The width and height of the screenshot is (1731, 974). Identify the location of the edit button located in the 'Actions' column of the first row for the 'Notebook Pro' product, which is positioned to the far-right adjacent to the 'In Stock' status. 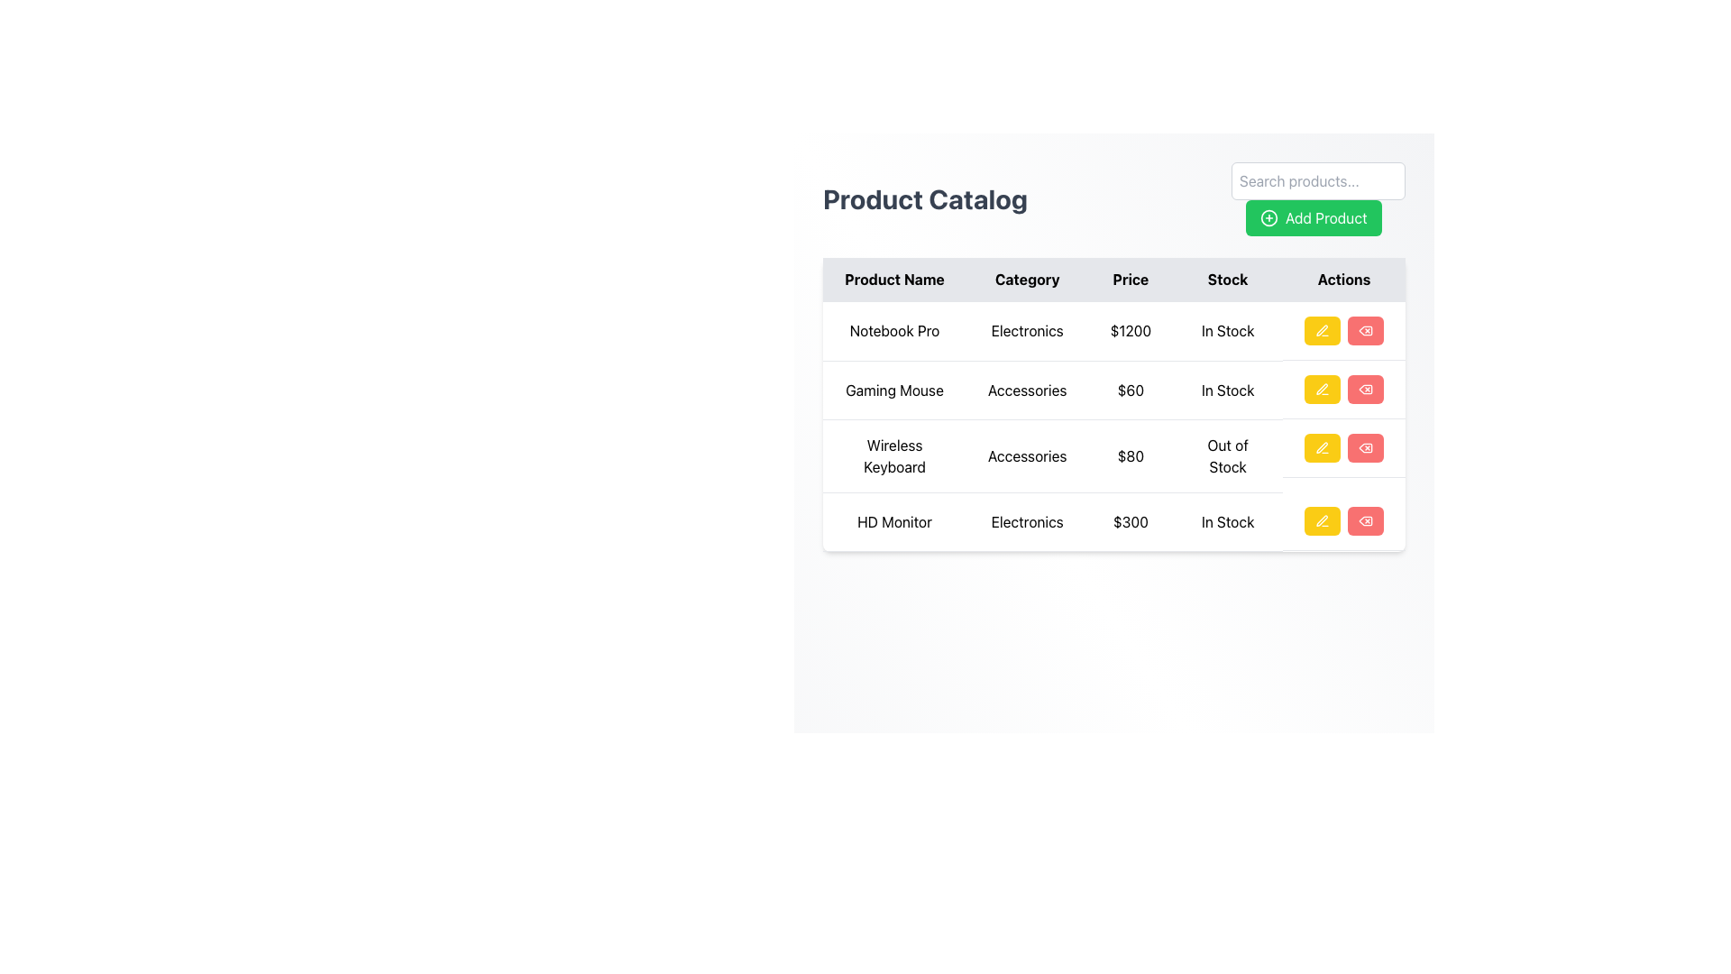
(1342, 330).